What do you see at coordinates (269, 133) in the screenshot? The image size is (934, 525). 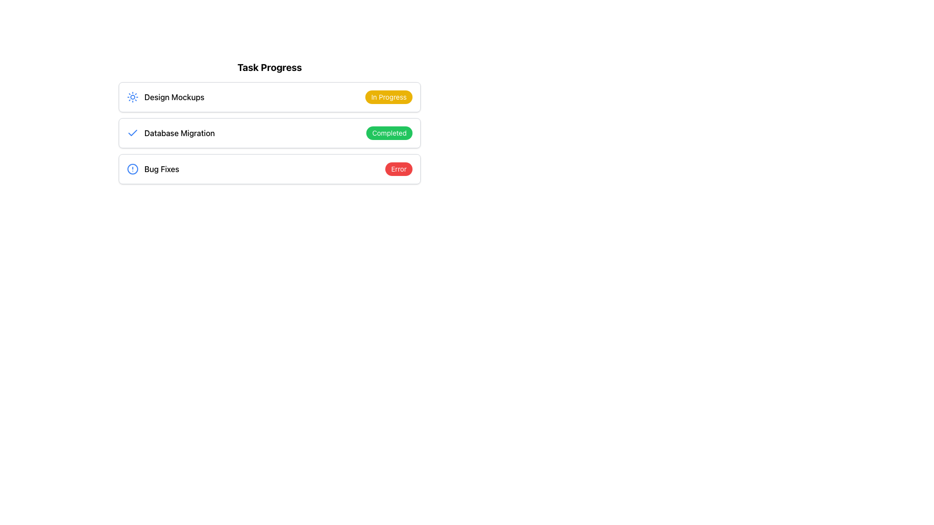 I see `the 'Task Progress Indicator' which displays the progress of the 'Database Migration' task marked as 'Completed' to focus or select it` at bounding box center [269, 133].